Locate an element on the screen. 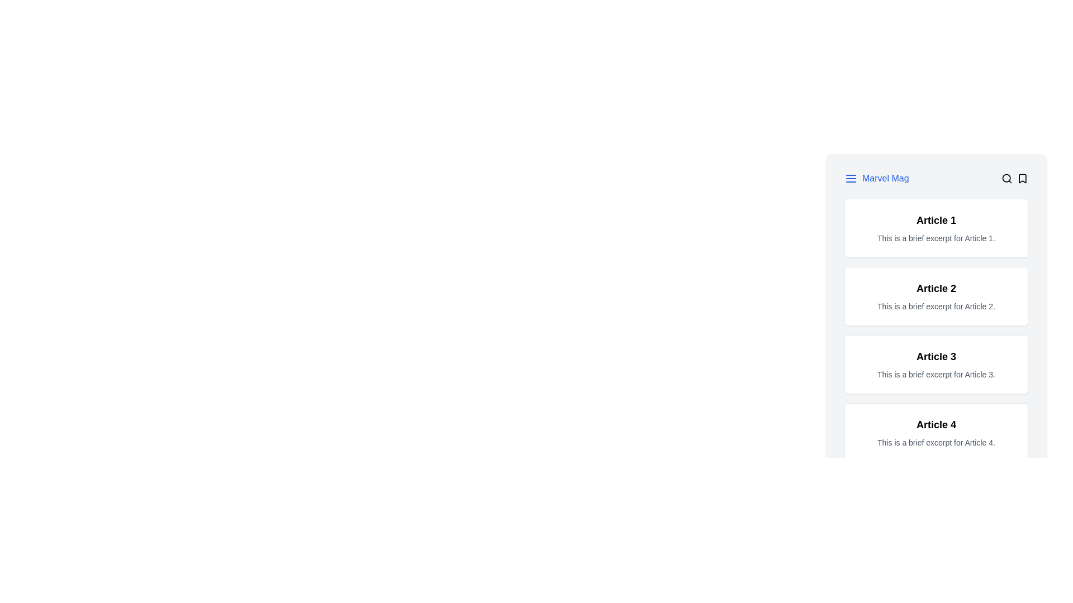 This screenshot has height=603, width=1073. title text located at the top of the first card in a vertical list of cards is located at coordinates (936, 220).